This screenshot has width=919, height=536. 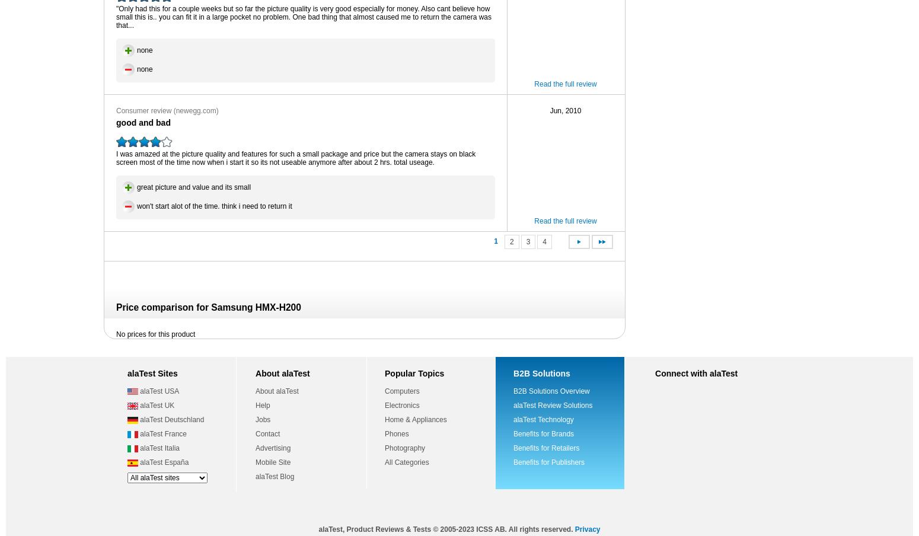 What do you see at coordinates (395, 433) in the screenshot?
I see `'Phones'` at bounding box center [395, 433].